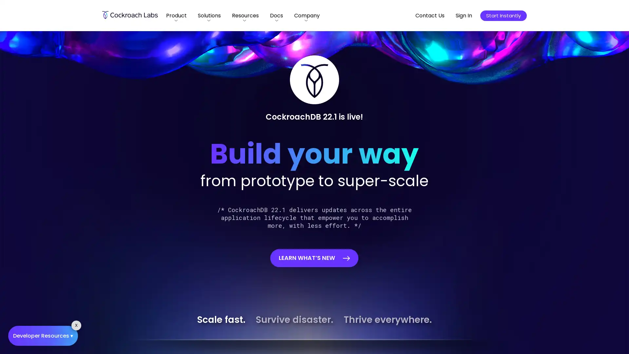 This screenshot has width=629, height=354. I want to click on Contact Us, so click(430, 15).